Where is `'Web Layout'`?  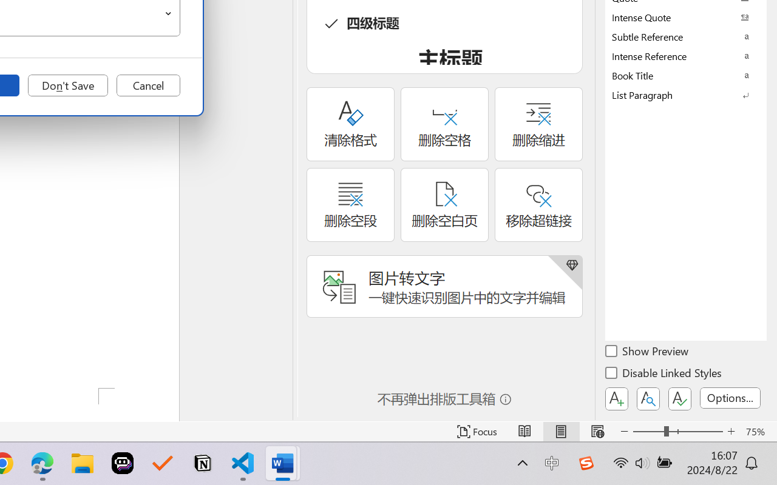
'Web Layout' is located at coordinates (597, 431).